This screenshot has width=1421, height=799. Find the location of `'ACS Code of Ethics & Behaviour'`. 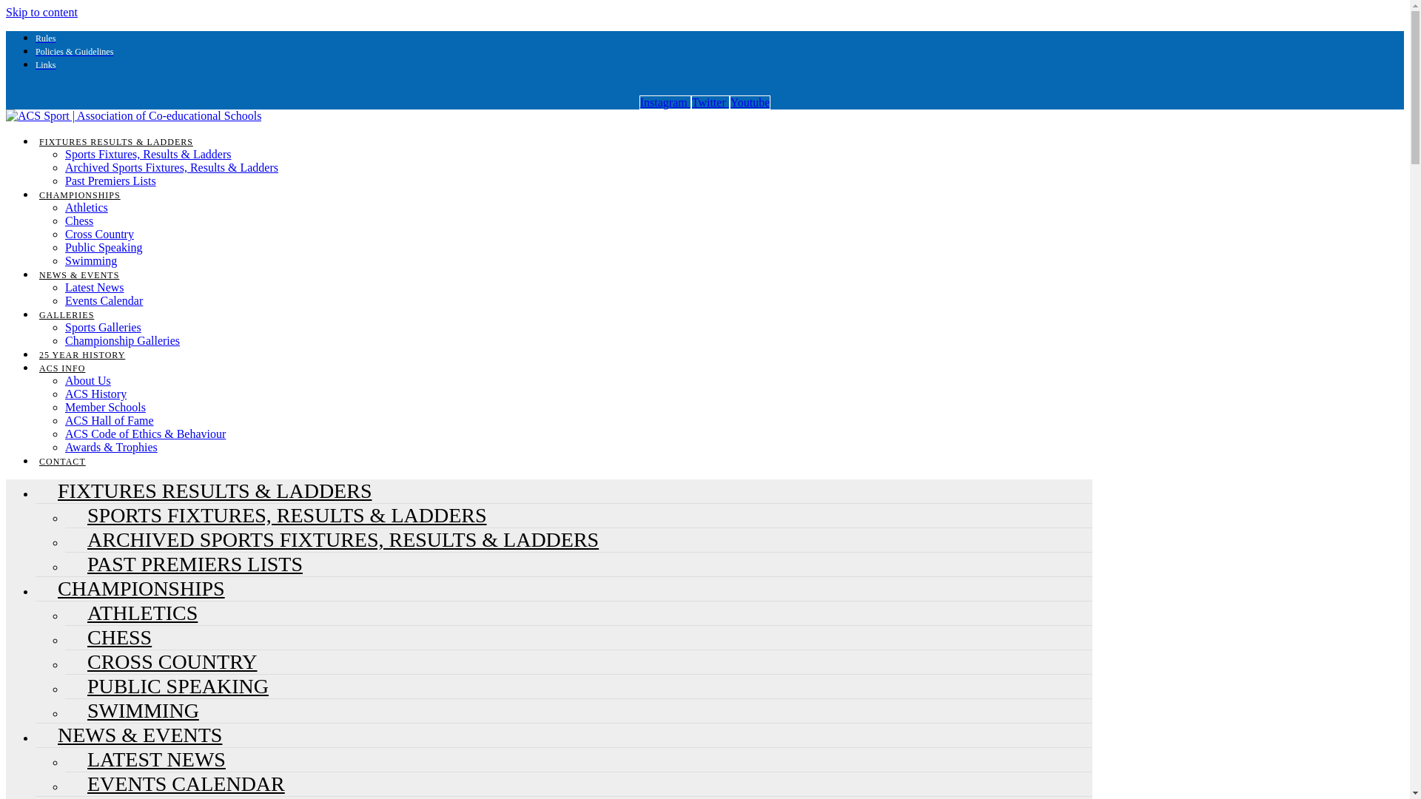

'ACS Code of Ethics & Behaviour' is located at coordinates (145, 433).